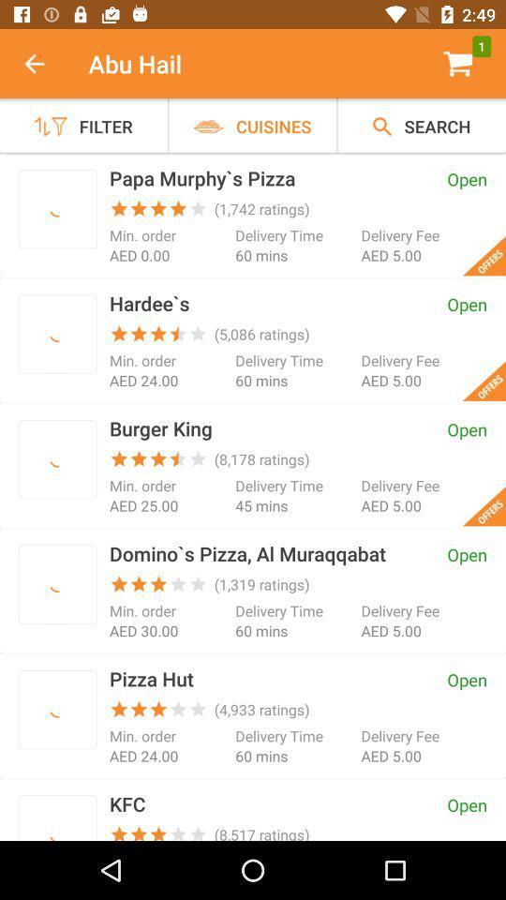  What do you see at coordinates (57, 458) in the screenshot?
I see `burger king to order from` at bounding box center [57, 458].